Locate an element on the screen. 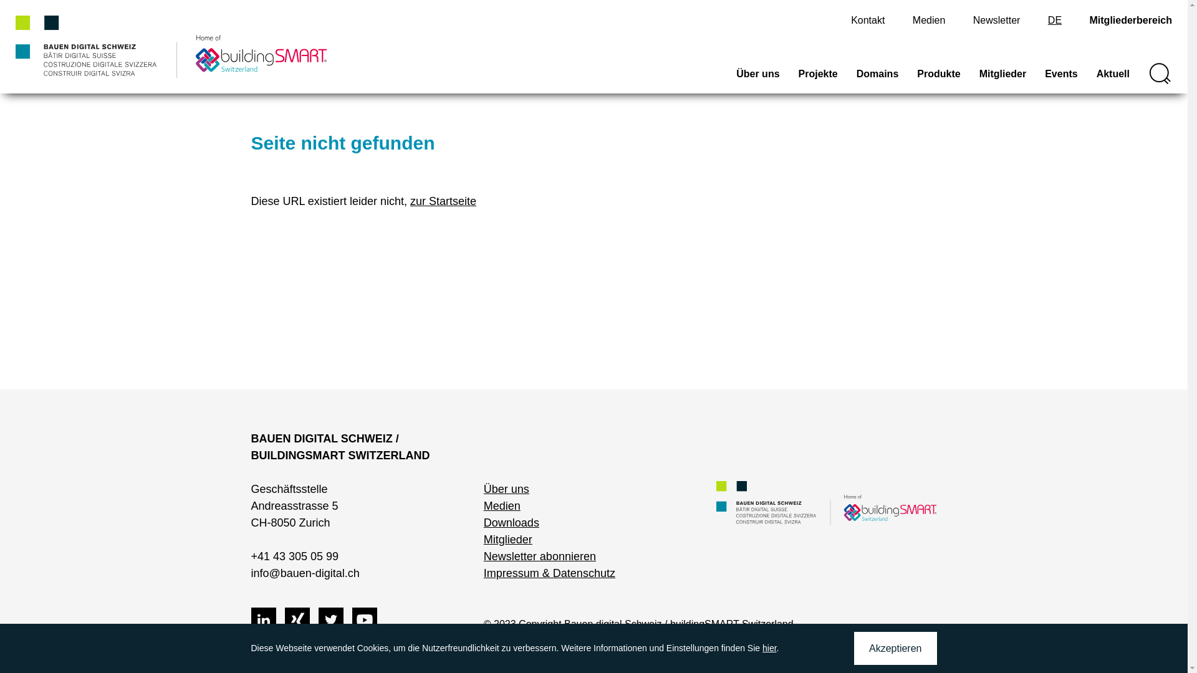 This screenshot has width=1197, height=673. 'Kontakt' is located at coordinates (867, 20).